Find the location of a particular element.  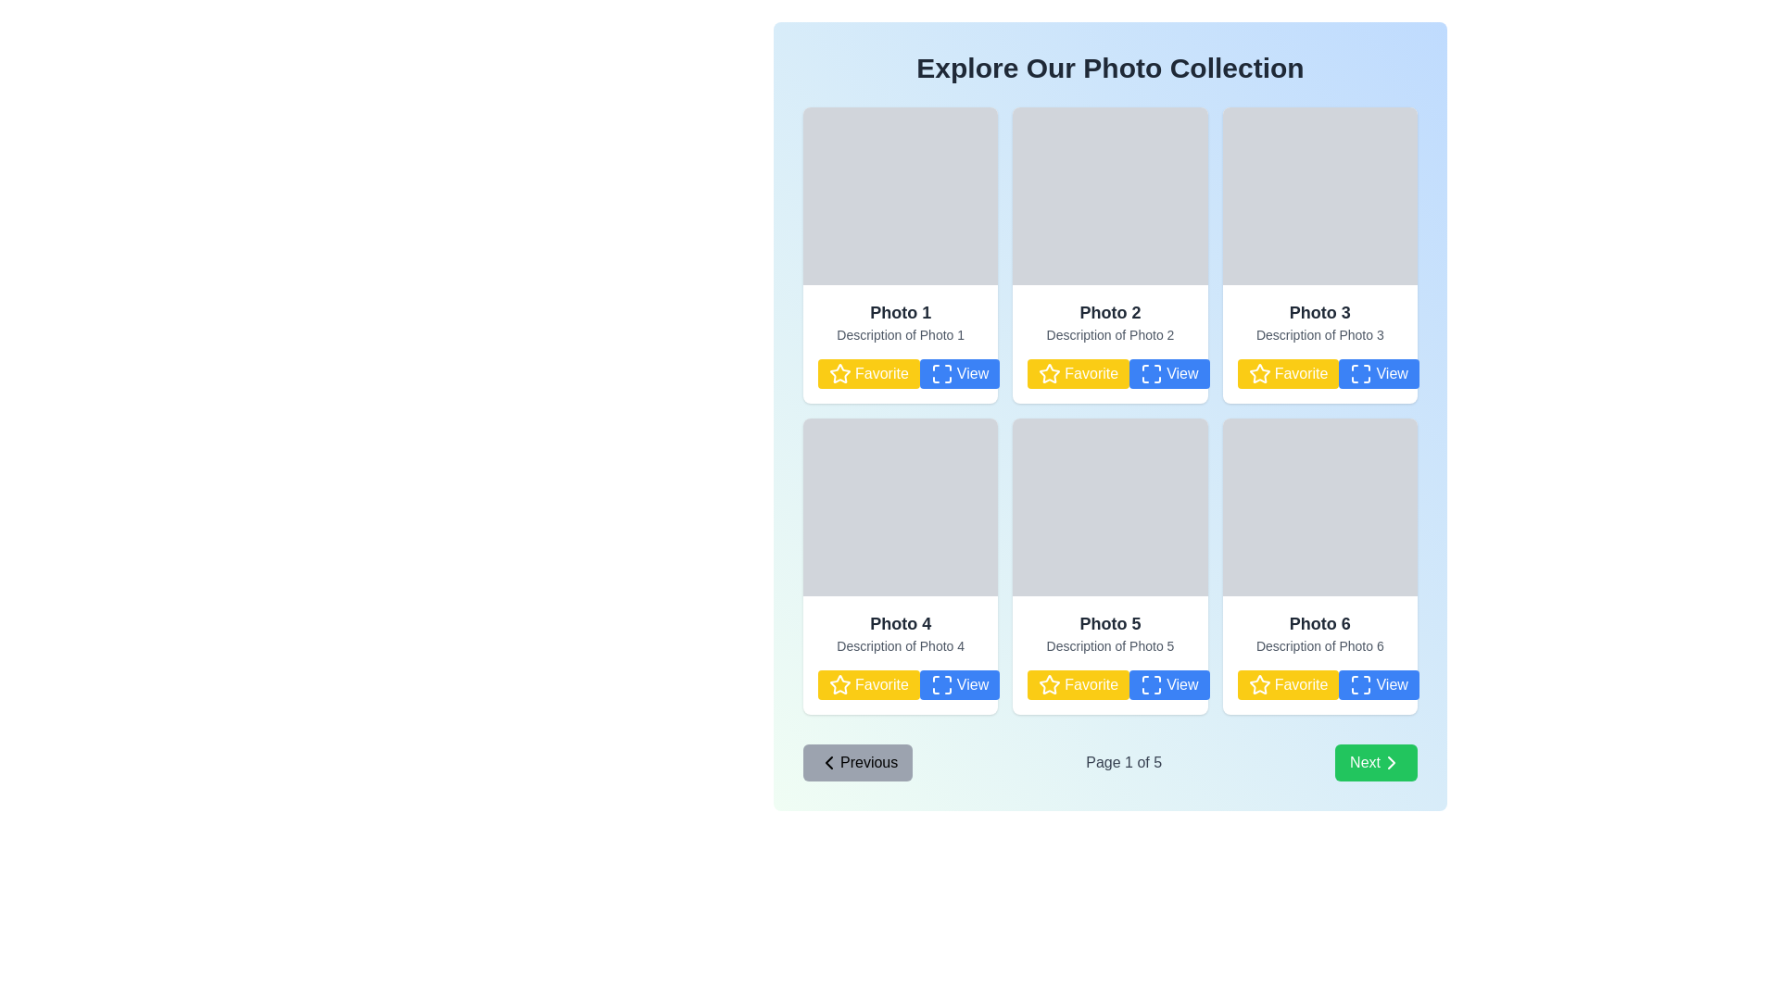

the navigation icon located in the bottom-left area of the interface is located at coordinates (827, 763).